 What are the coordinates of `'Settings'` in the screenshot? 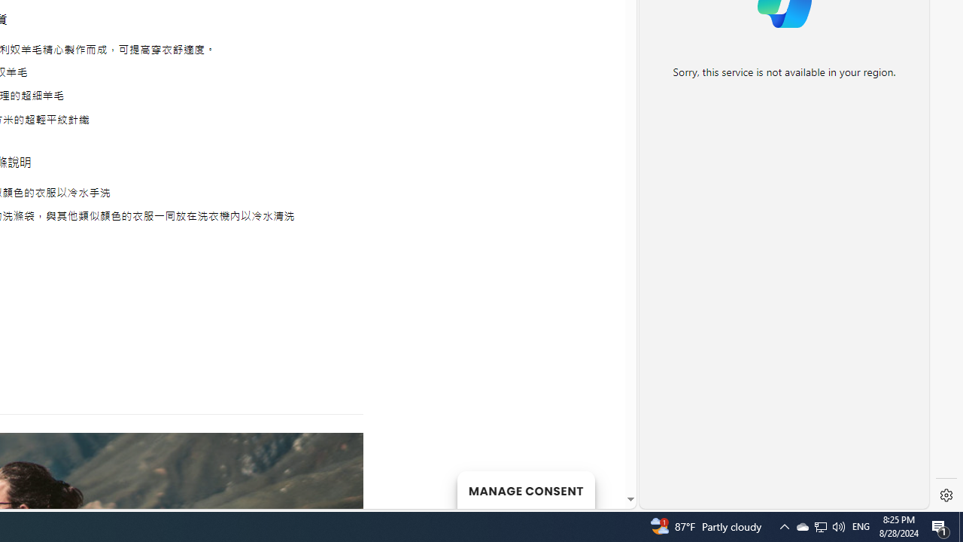 It's located at (946, 495).